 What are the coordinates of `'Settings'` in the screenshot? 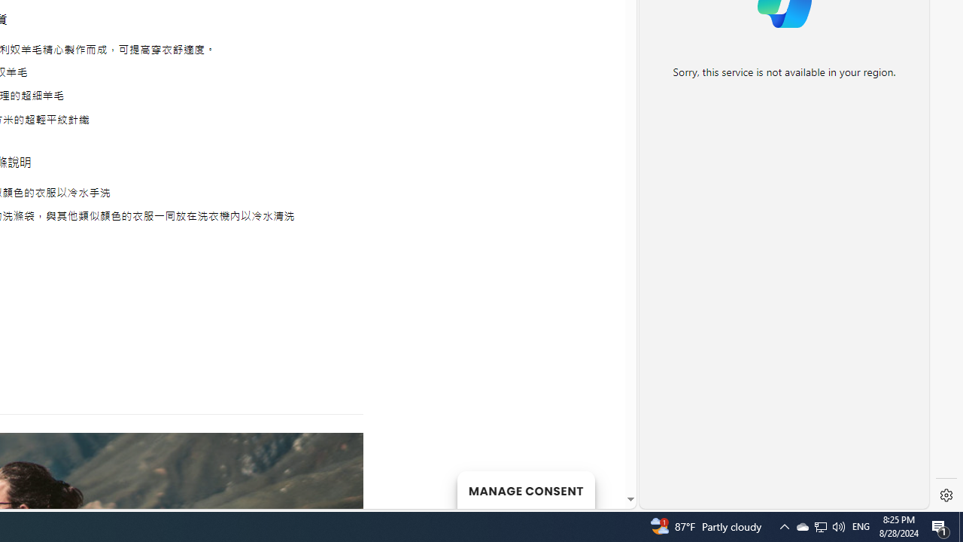 It's located at (946, 495).